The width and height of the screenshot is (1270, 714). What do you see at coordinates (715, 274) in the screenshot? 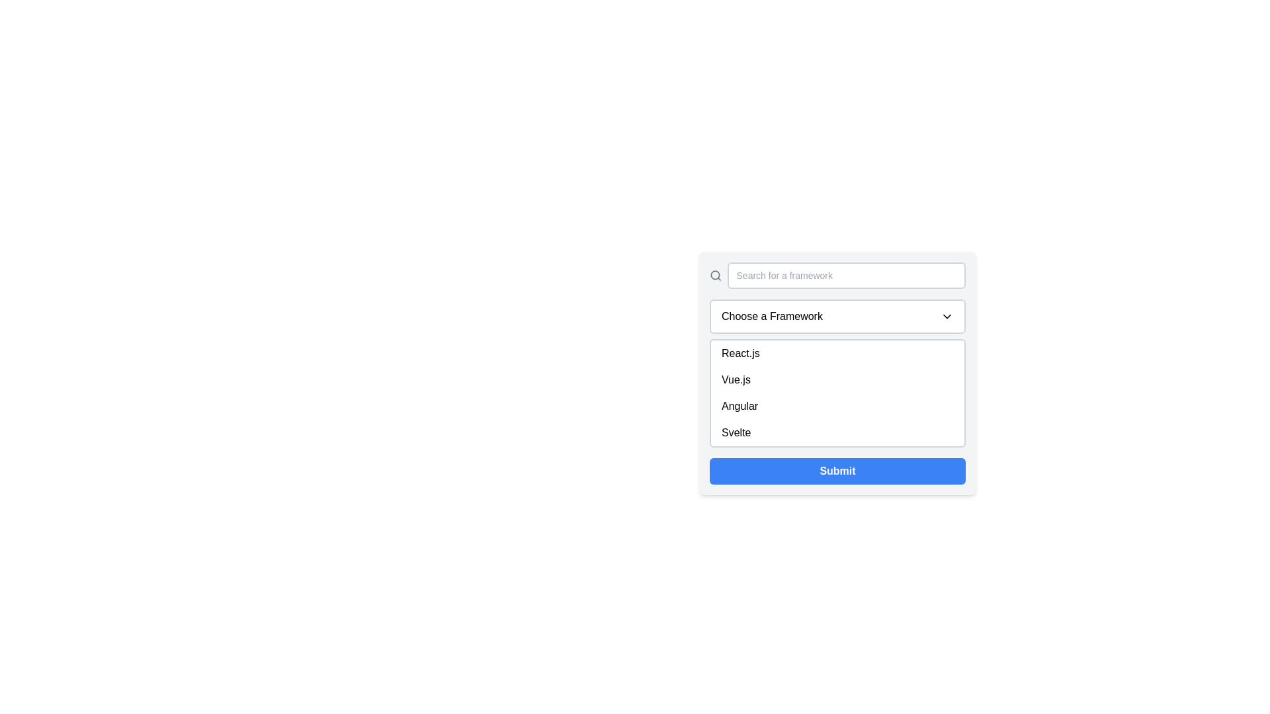
I see `the search icon located to the far left, which is positioned before the text input box labeled 'Search for a framework'` at bounding box center [715, 274].